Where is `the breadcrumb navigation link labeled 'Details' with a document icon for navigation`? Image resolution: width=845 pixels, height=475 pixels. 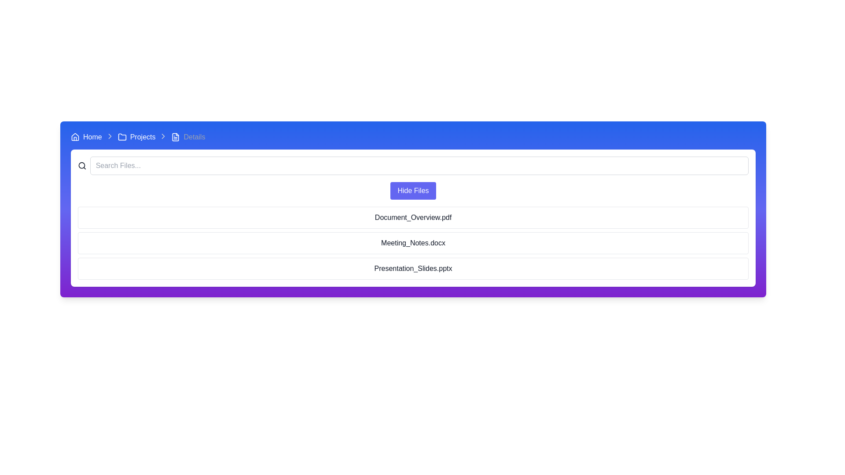 the breadcrumb navigation link labeled 'Details' with a document icon for navigation is located at coordinates (187, 137).